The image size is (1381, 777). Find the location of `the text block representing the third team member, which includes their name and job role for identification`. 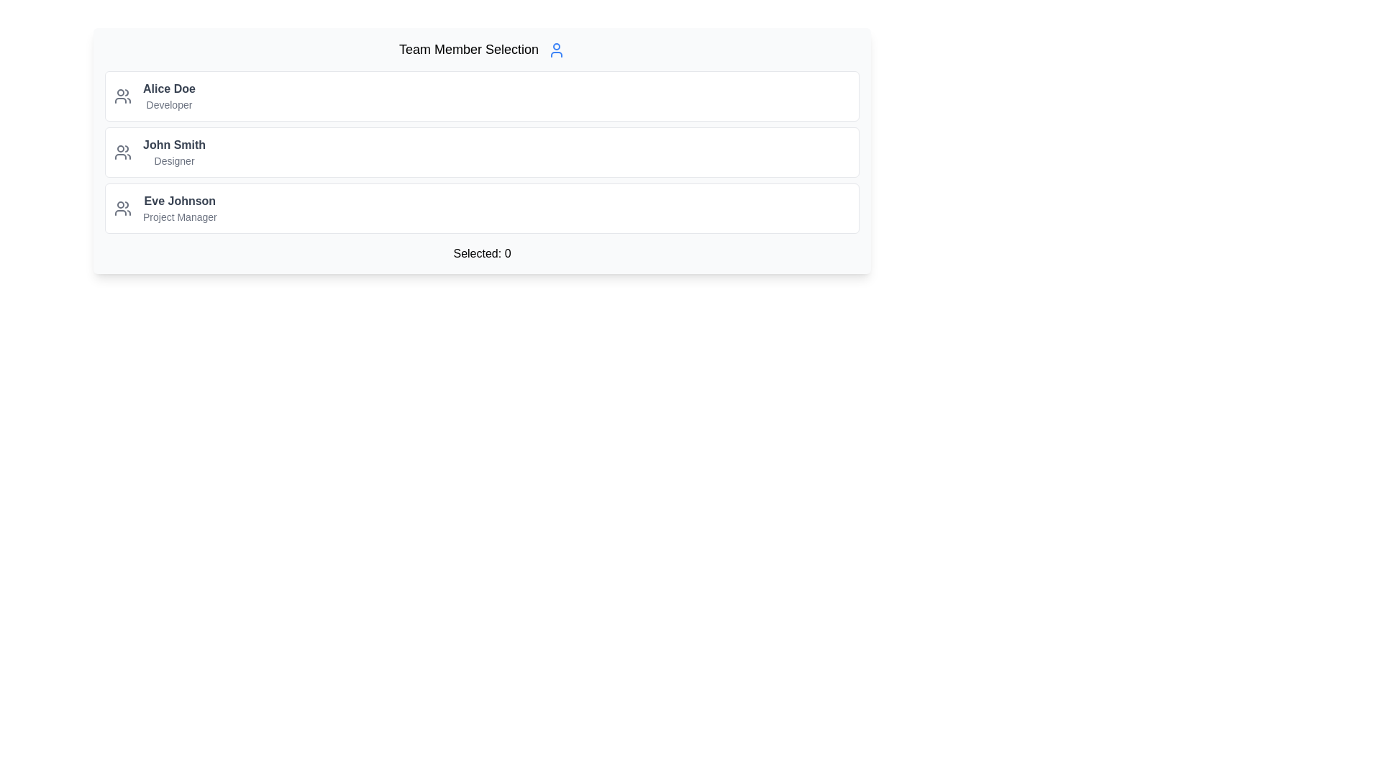

the text block representing the third team member, which includes their name and job role for identification is located at coordinates (179, 208).